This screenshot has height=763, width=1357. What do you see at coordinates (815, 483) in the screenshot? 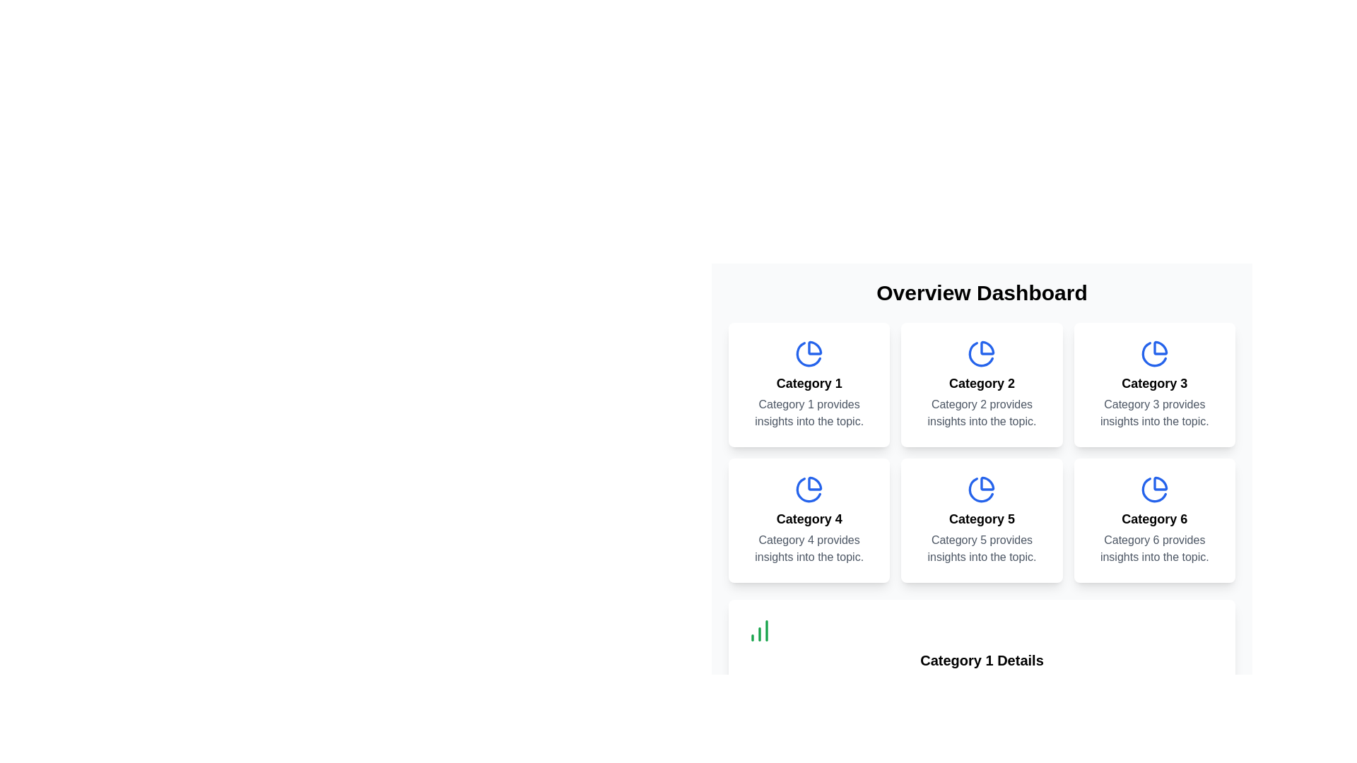
I see `the pie chart wedge element with a blue outline located in the upper-left portion of the Category 4 card on the dashboard` at bounding box center [815, 483].